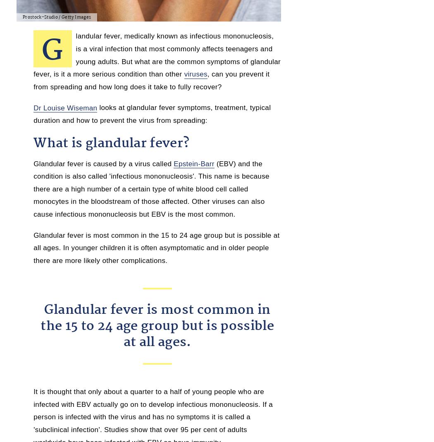  Describe the element at coordinates (33, 53) in the screenshot. I see `'Glandular fever, medically known as infectious mononucleosis, is a viral infection that most commonly affects teenagers and young adults. But what are the common symptoms of glandular fever, is it a more serious condition than other'` at that location.